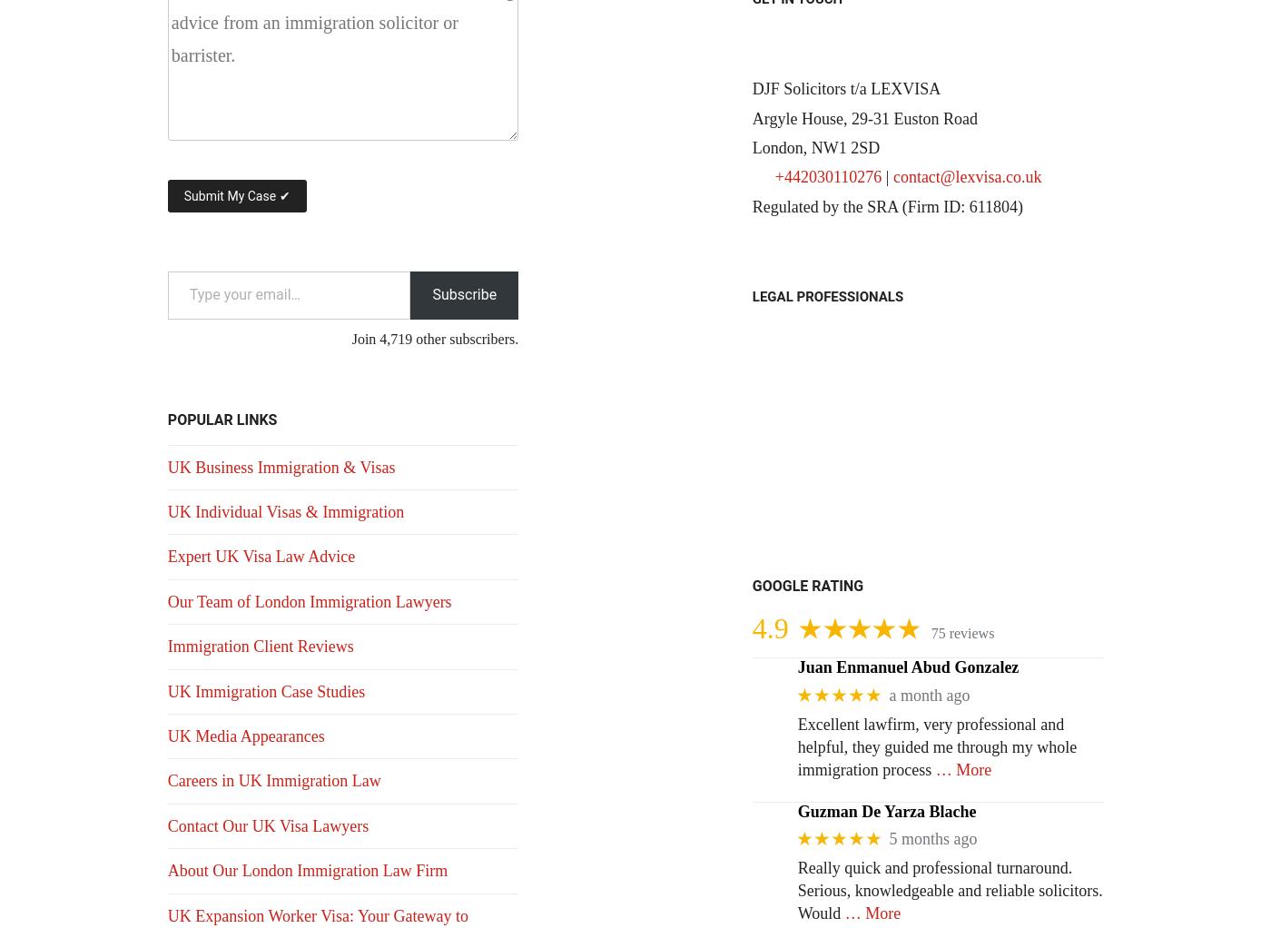  Describe the element at coordinates (815, 147) in the screenshot. I see `'London, NW1 2SD'` at that location.